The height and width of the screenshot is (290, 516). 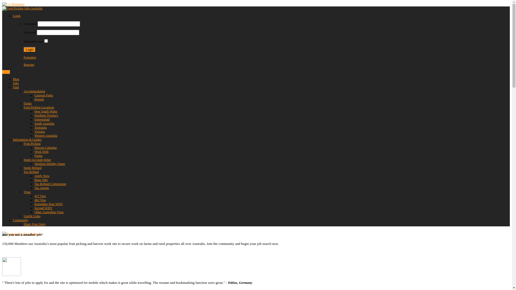 I want to click on 'Fruit Picking Jobs Australia', so click(x=22, y=8).